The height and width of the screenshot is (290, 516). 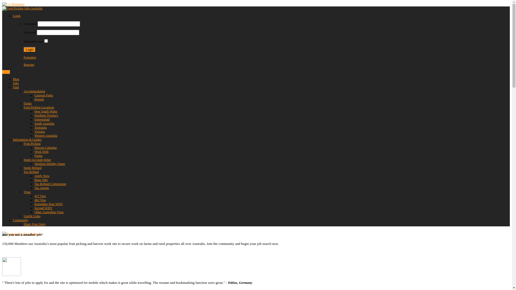 I want to click on 'Fruit Picking Jobs Australia', so click(x=22, y=8).